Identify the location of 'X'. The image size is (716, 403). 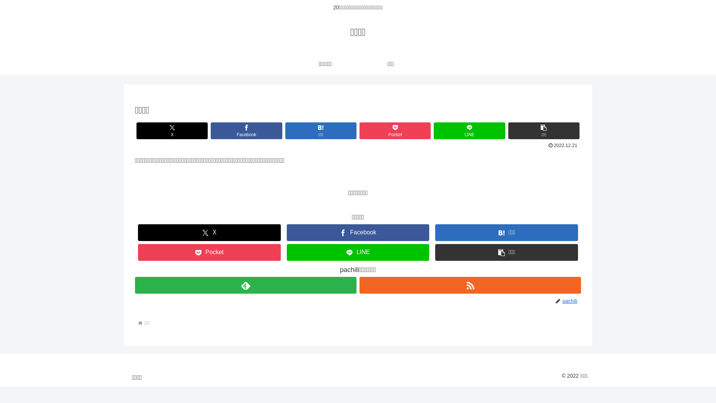
(172, 130).